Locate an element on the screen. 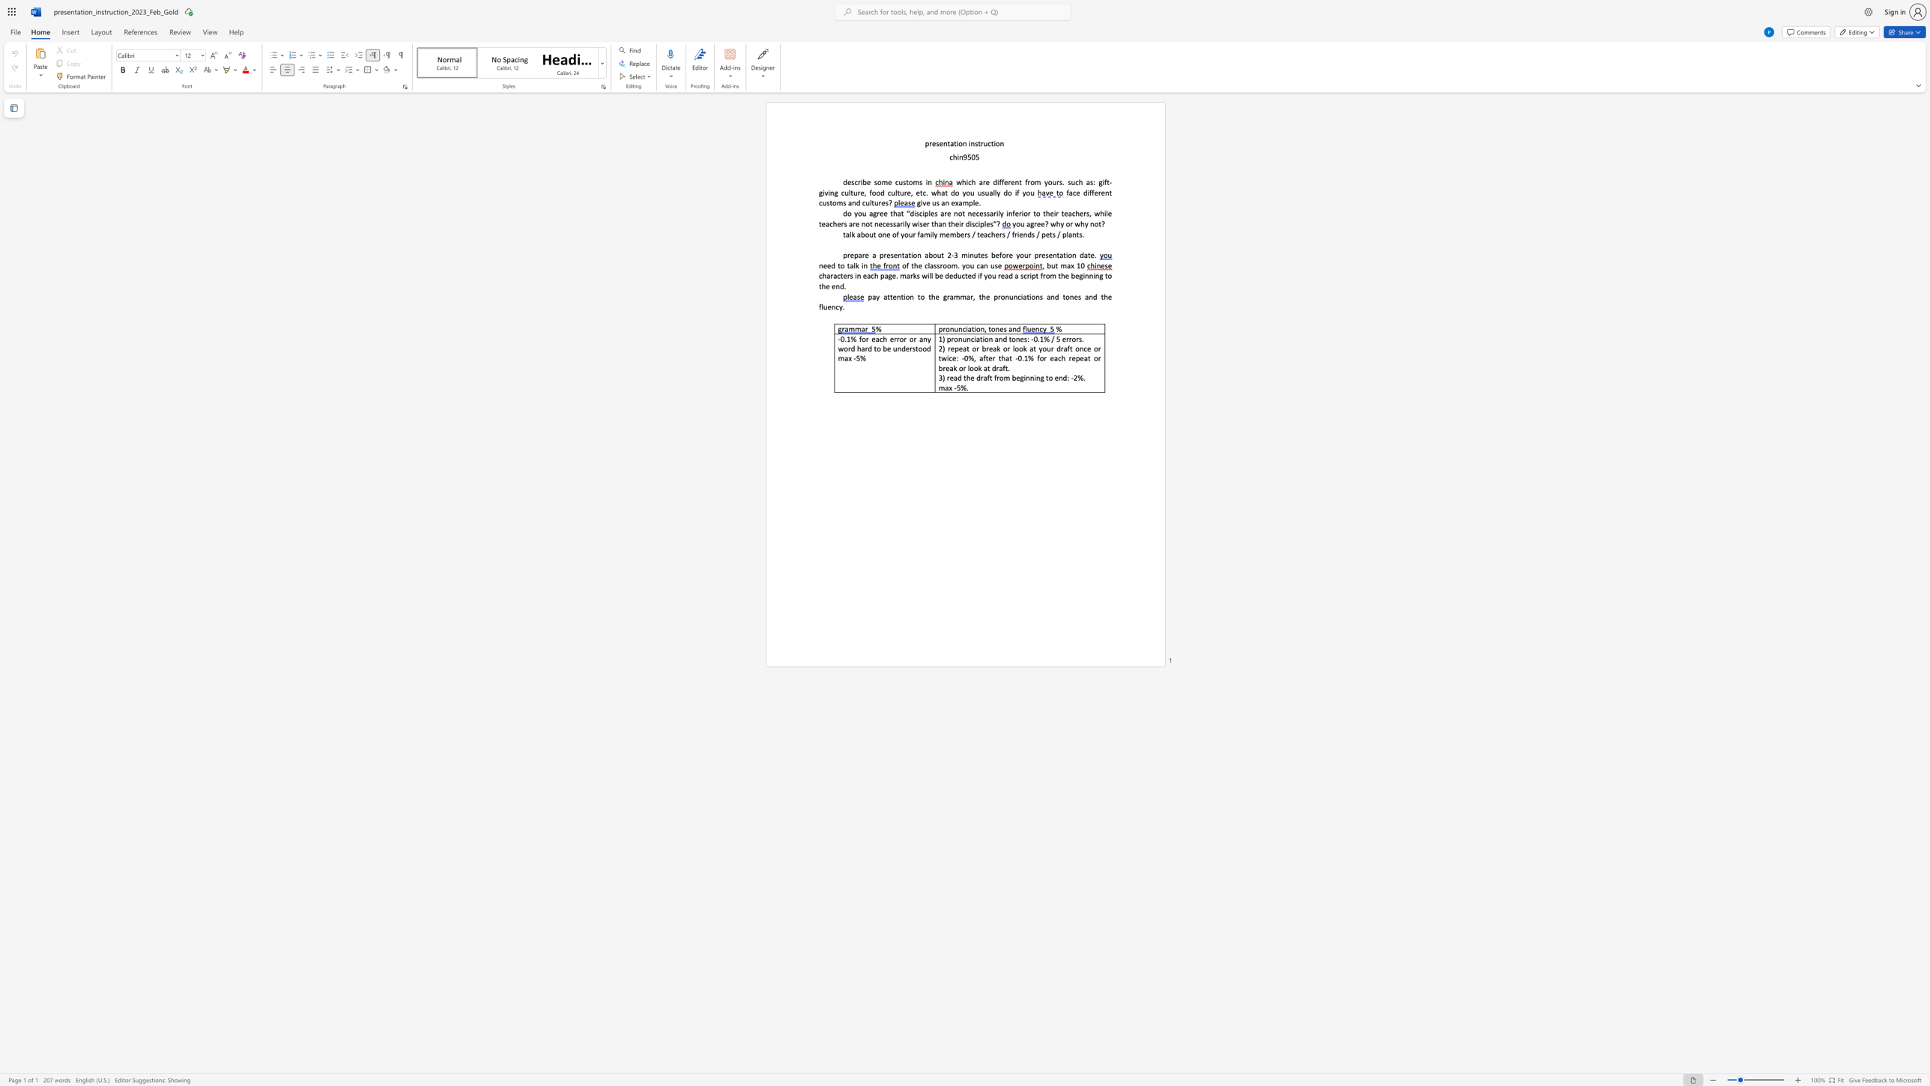 The image size is (1930, 1086). the subset text "t-" within the text "uch as: gift-" is located at coordinates (1106, 181).